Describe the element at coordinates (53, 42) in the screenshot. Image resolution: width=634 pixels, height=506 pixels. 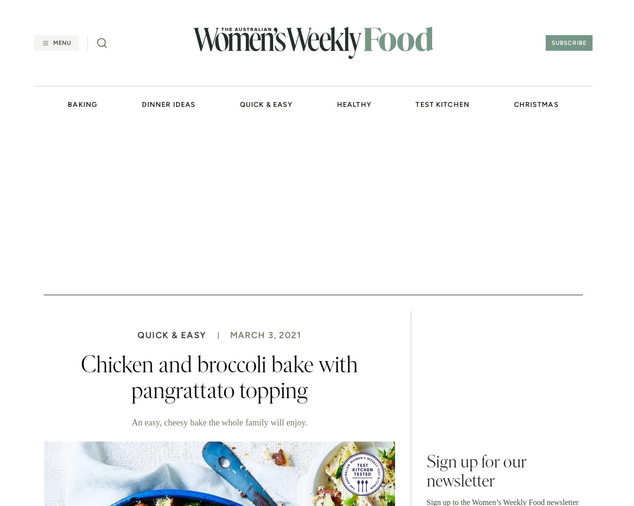
I see `'Menu'` at that location.